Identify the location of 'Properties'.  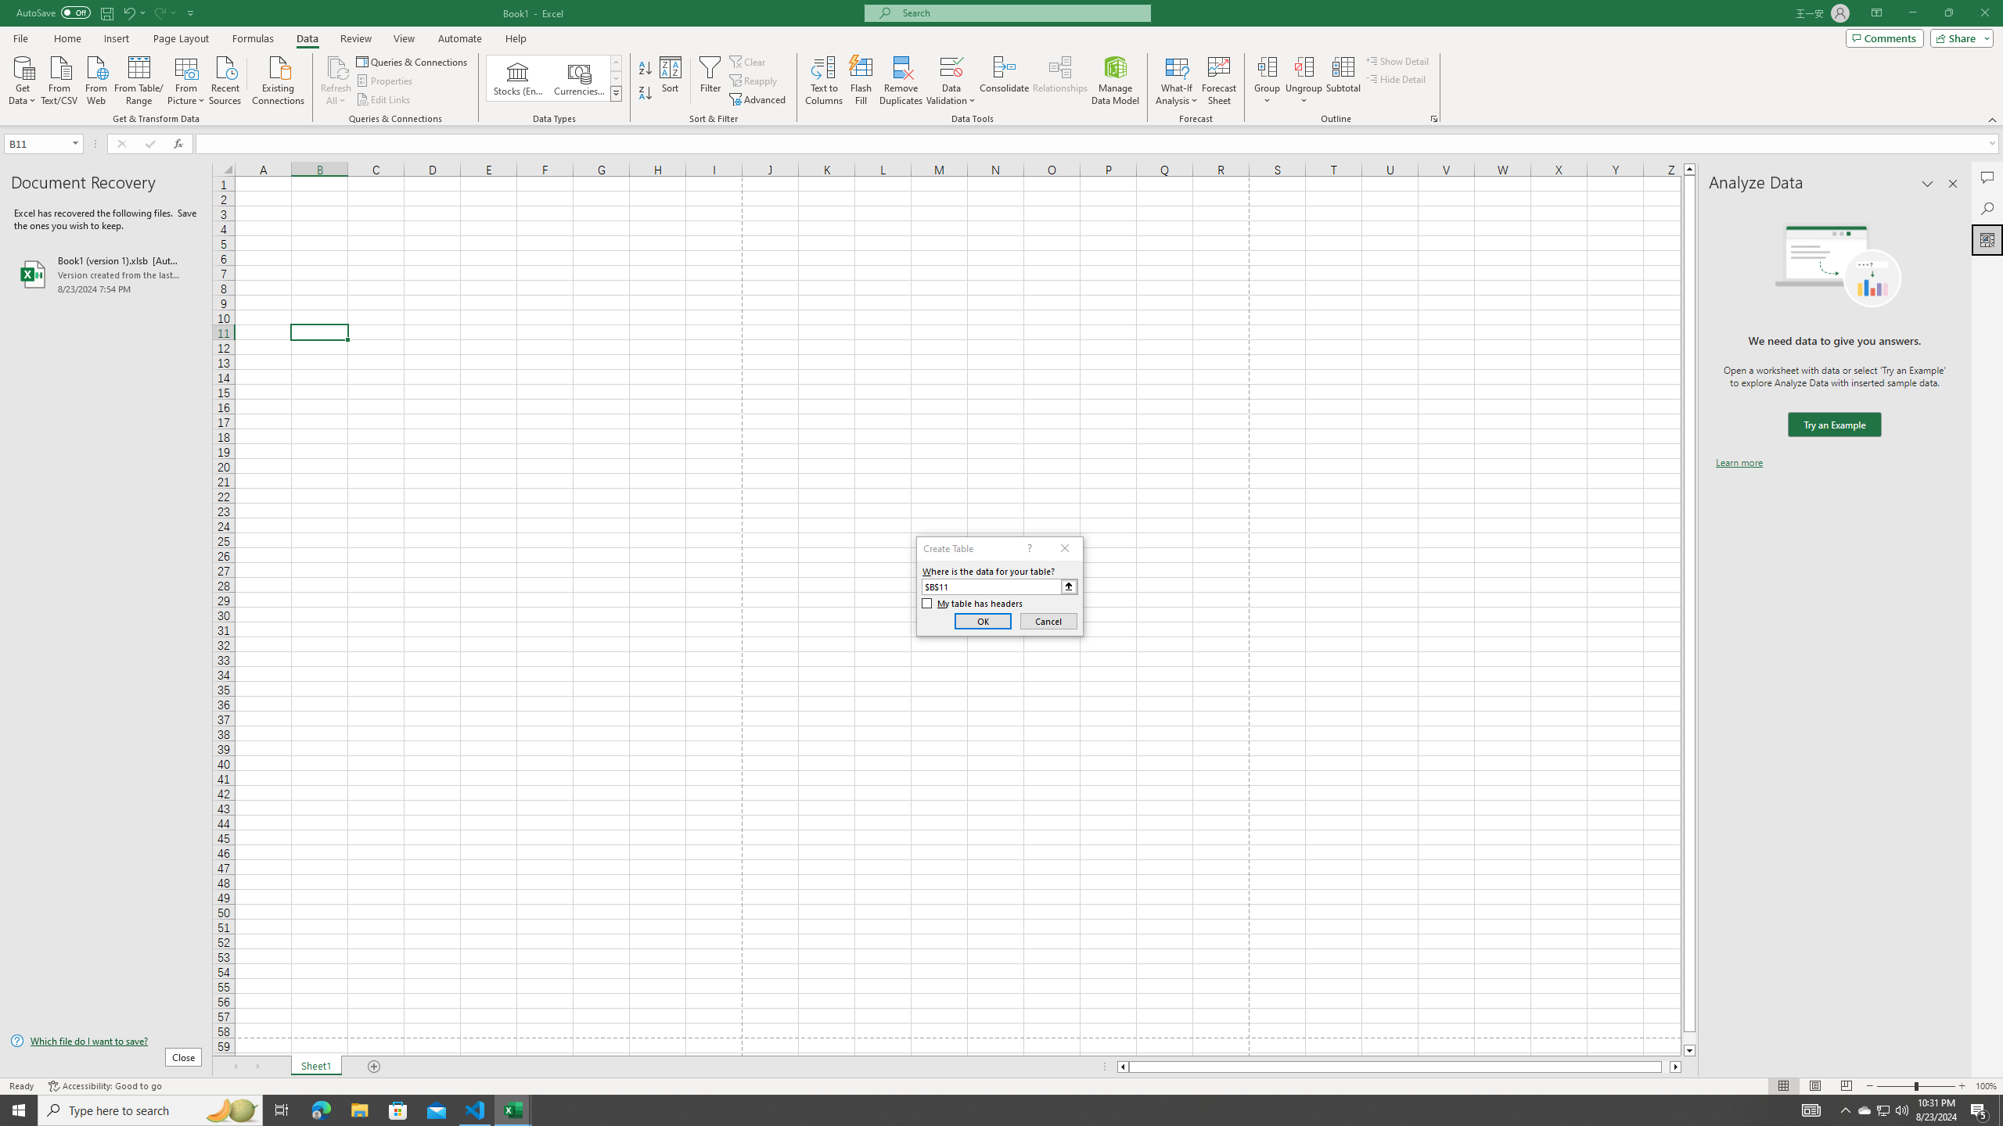
(386, 81).